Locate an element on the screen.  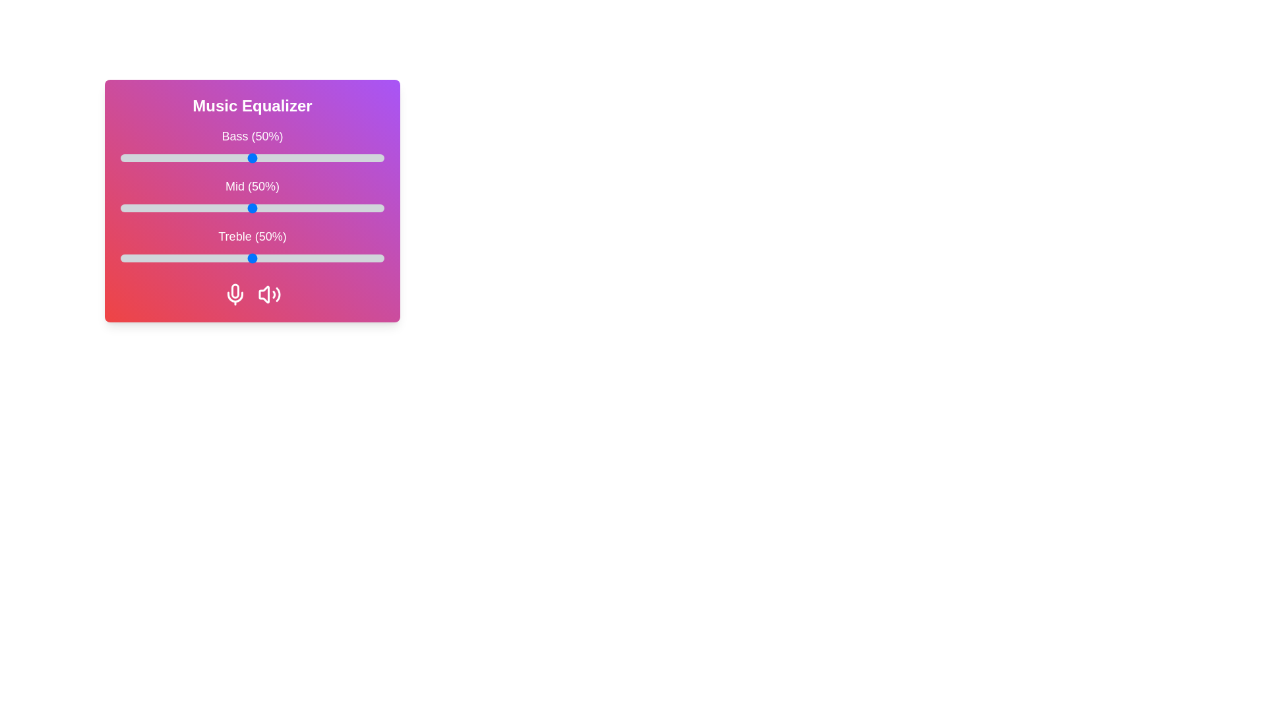
the microphone icon is located at coordinates (235, 294).